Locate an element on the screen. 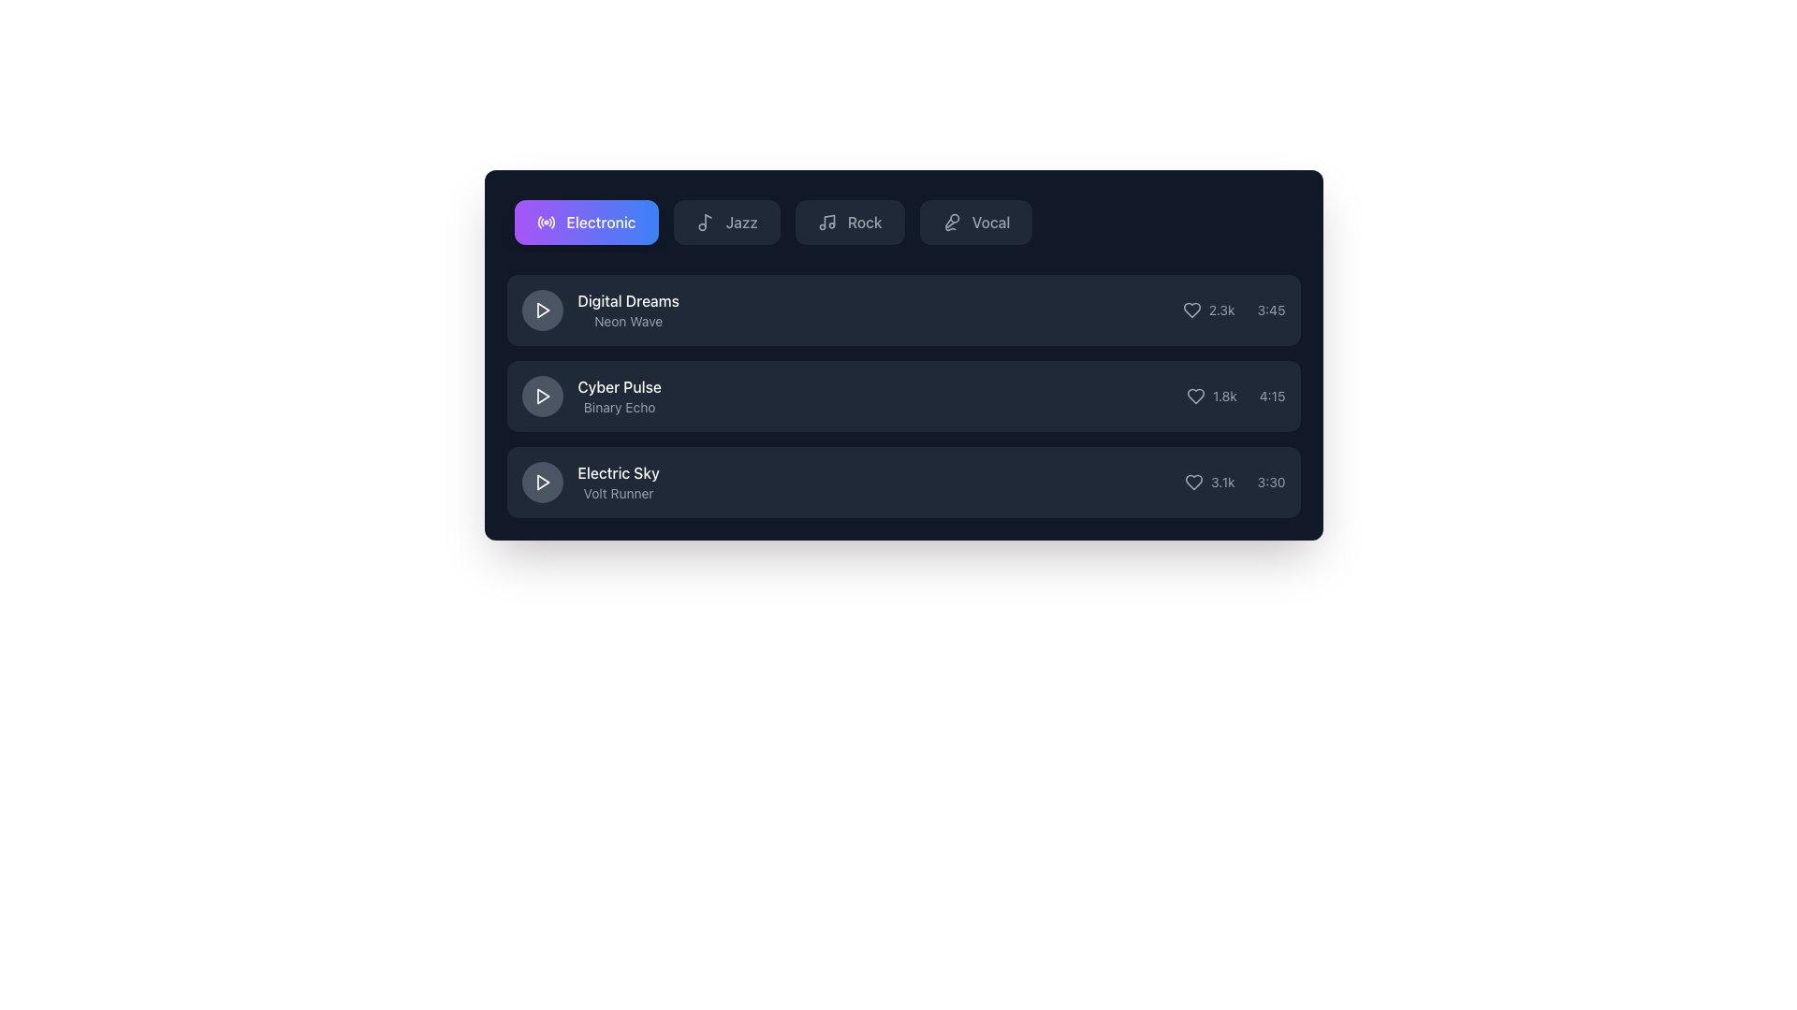 This screenshot has width=1797, height=1010. the 'Rock' music category icon located at the leftmost side of the 'Rock' category button is located at coordinates (825, 222).